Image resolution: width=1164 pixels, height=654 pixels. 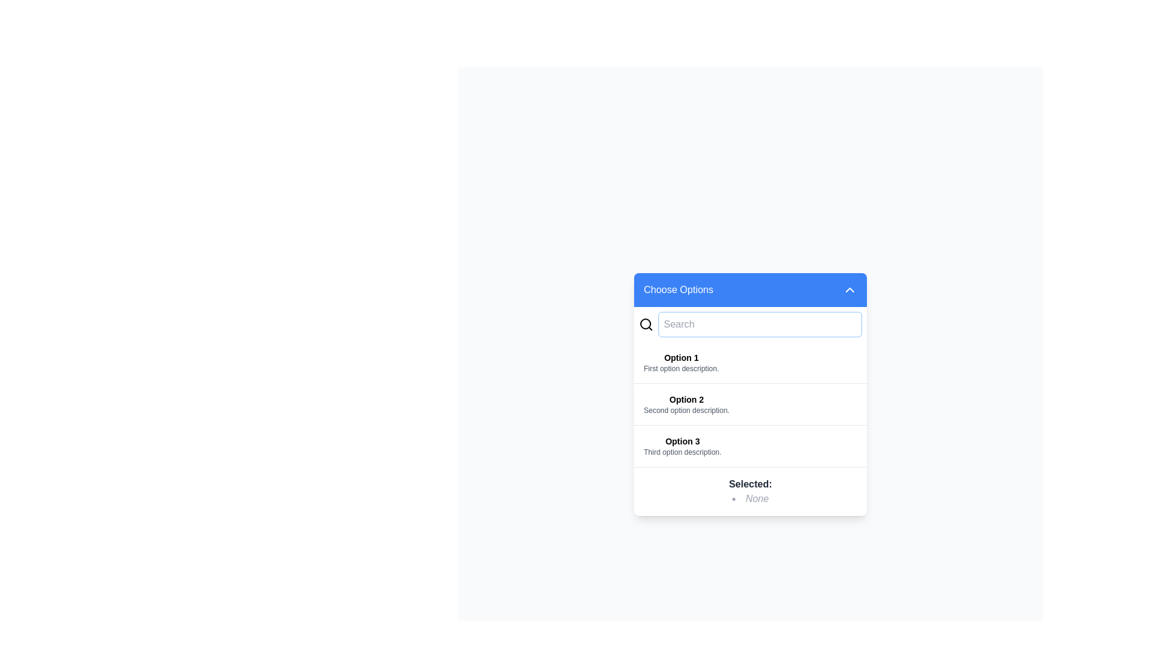 I want to click on the icon located at the upper-right corner of the blue header bar in the 'Choose Options' modal, so click(x=849, y=289).